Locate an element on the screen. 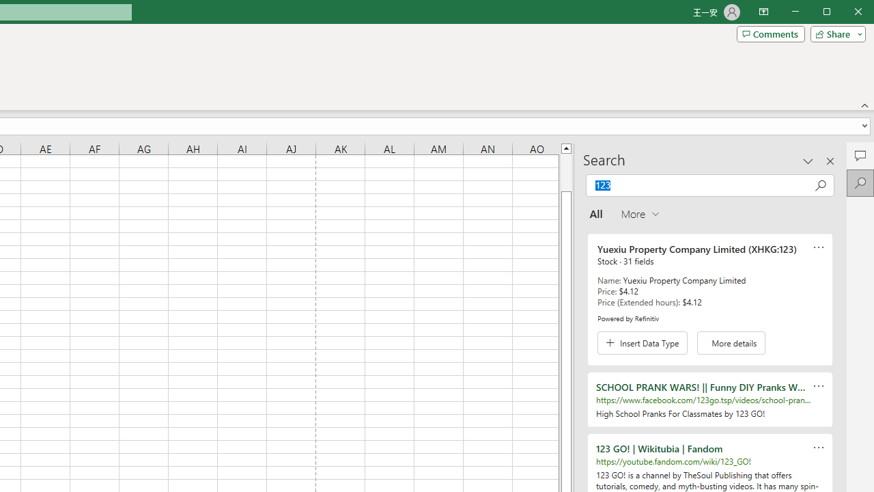  'Collapse the Ribbon' is located at coordinates (864, 105).